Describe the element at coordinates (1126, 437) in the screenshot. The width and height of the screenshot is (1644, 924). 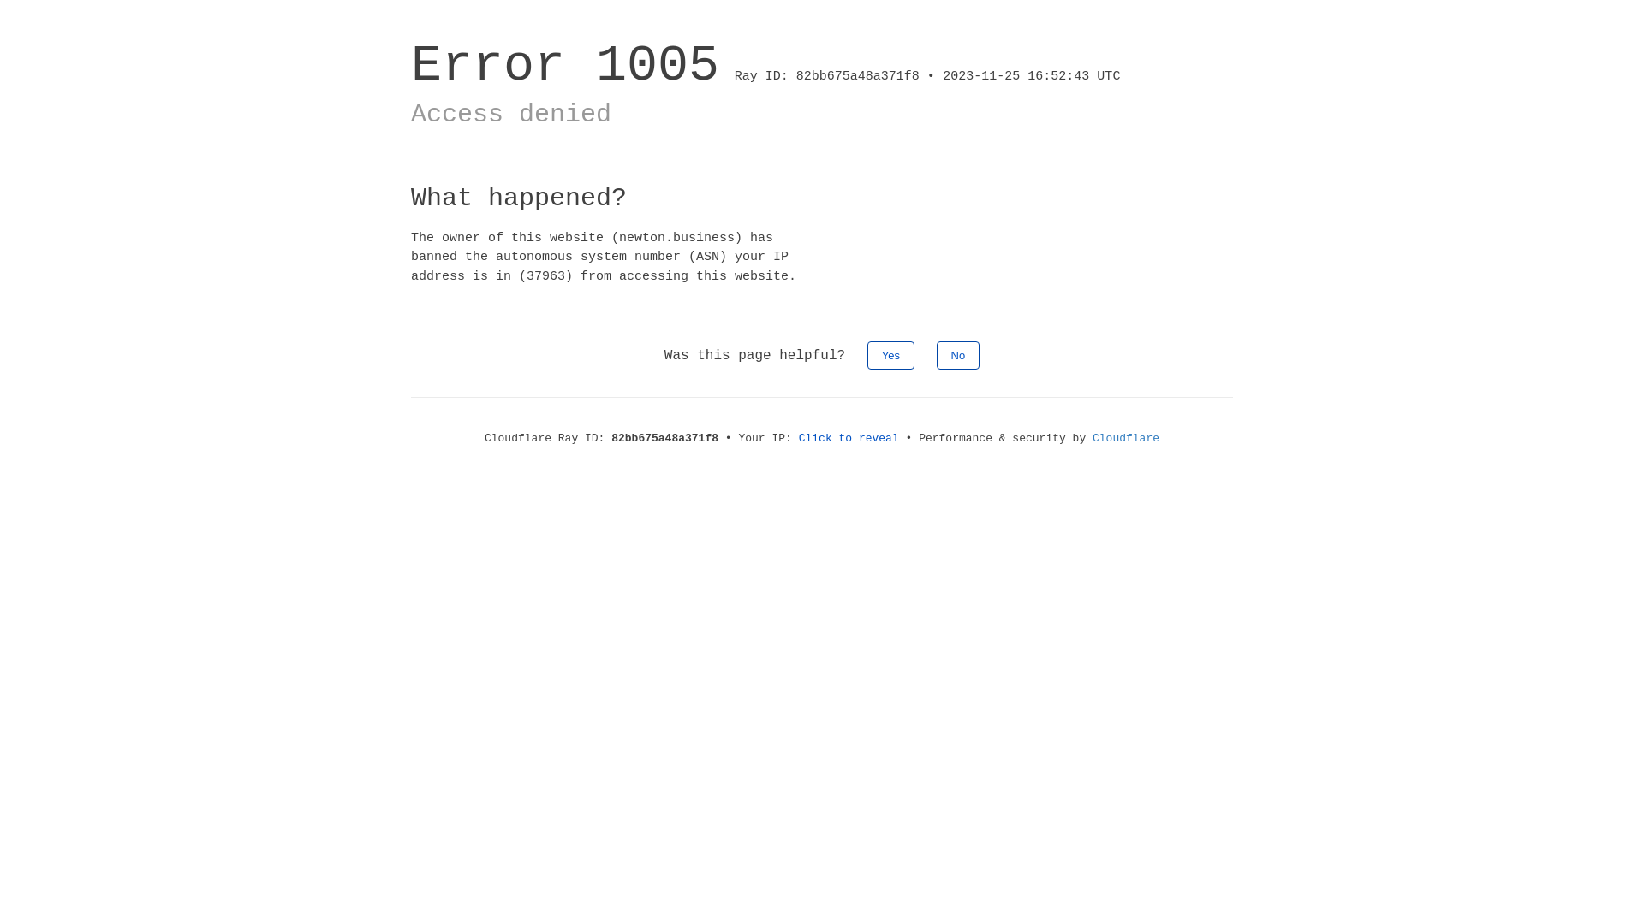
I see `'Cloudflare'` at that location.